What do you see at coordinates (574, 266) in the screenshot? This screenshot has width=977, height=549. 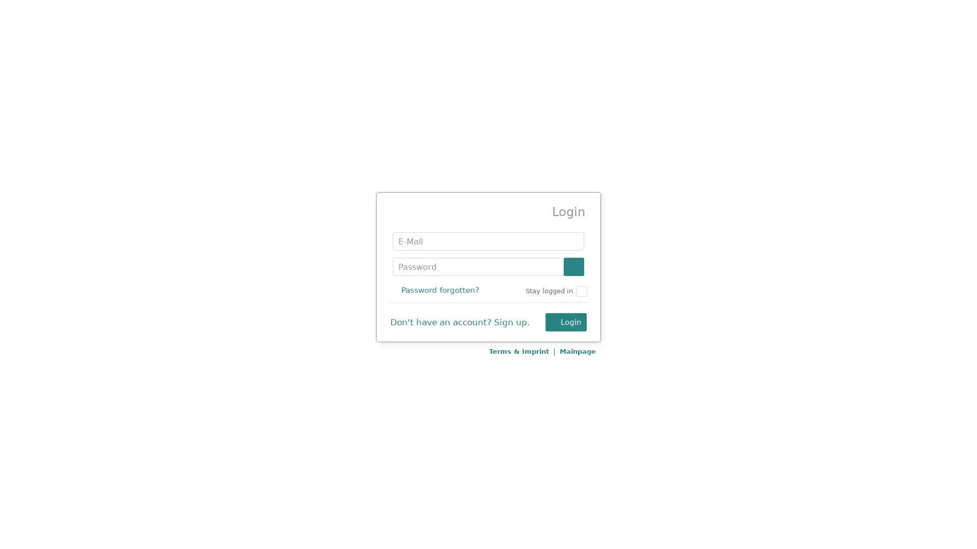 I see `Show Password` at bounding box center [574, 266].